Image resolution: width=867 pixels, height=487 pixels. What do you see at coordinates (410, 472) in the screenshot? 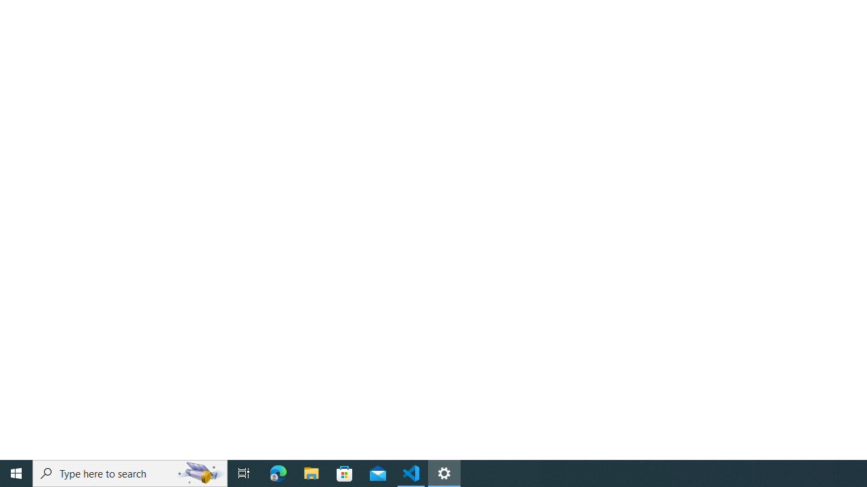
I see `'Visual Studio Code - 1 running window'` at bounding box center [410, 472].